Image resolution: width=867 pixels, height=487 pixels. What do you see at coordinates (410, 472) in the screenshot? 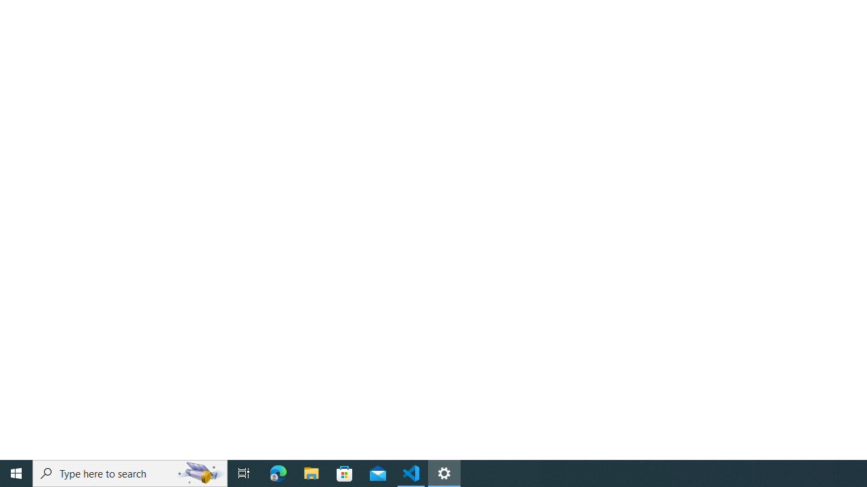
I see `'Visual Studio Code - 1 running window'` at bounding box center [410, 472].